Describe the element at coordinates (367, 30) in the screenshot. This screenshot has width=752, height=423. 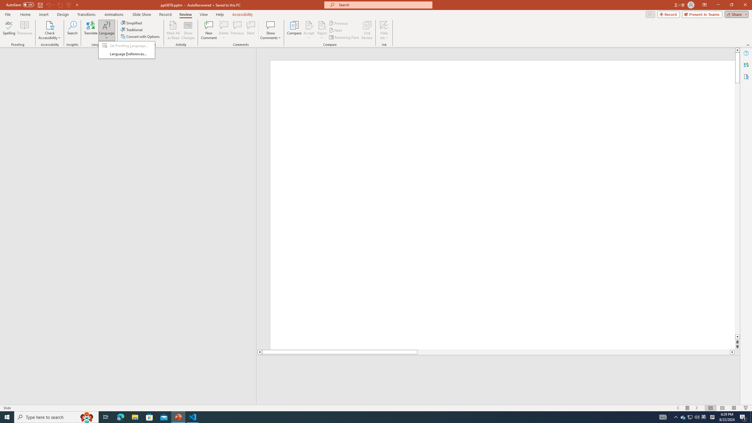
I see `'End Review'` at that location.